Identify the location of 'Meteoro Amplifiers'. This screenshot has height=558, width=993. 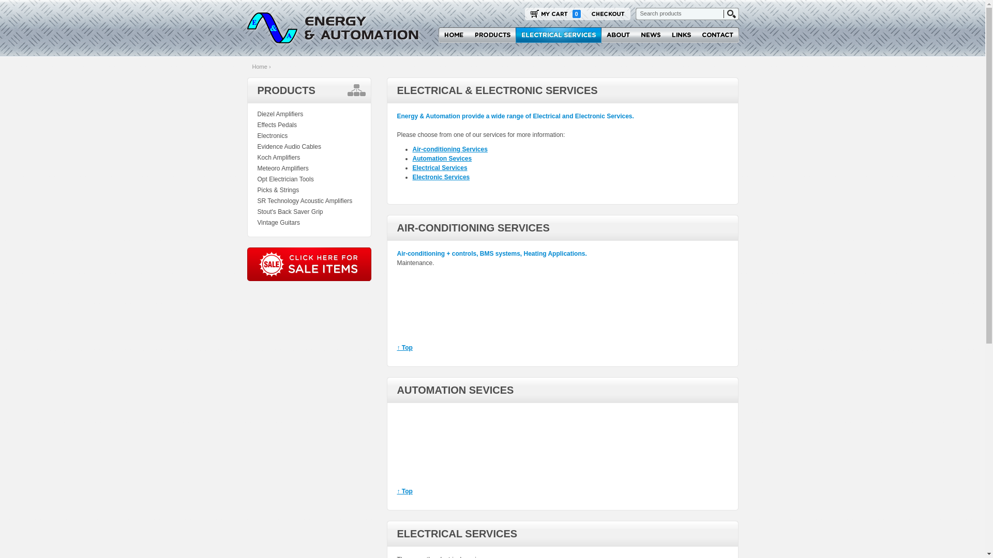
(282, 168).